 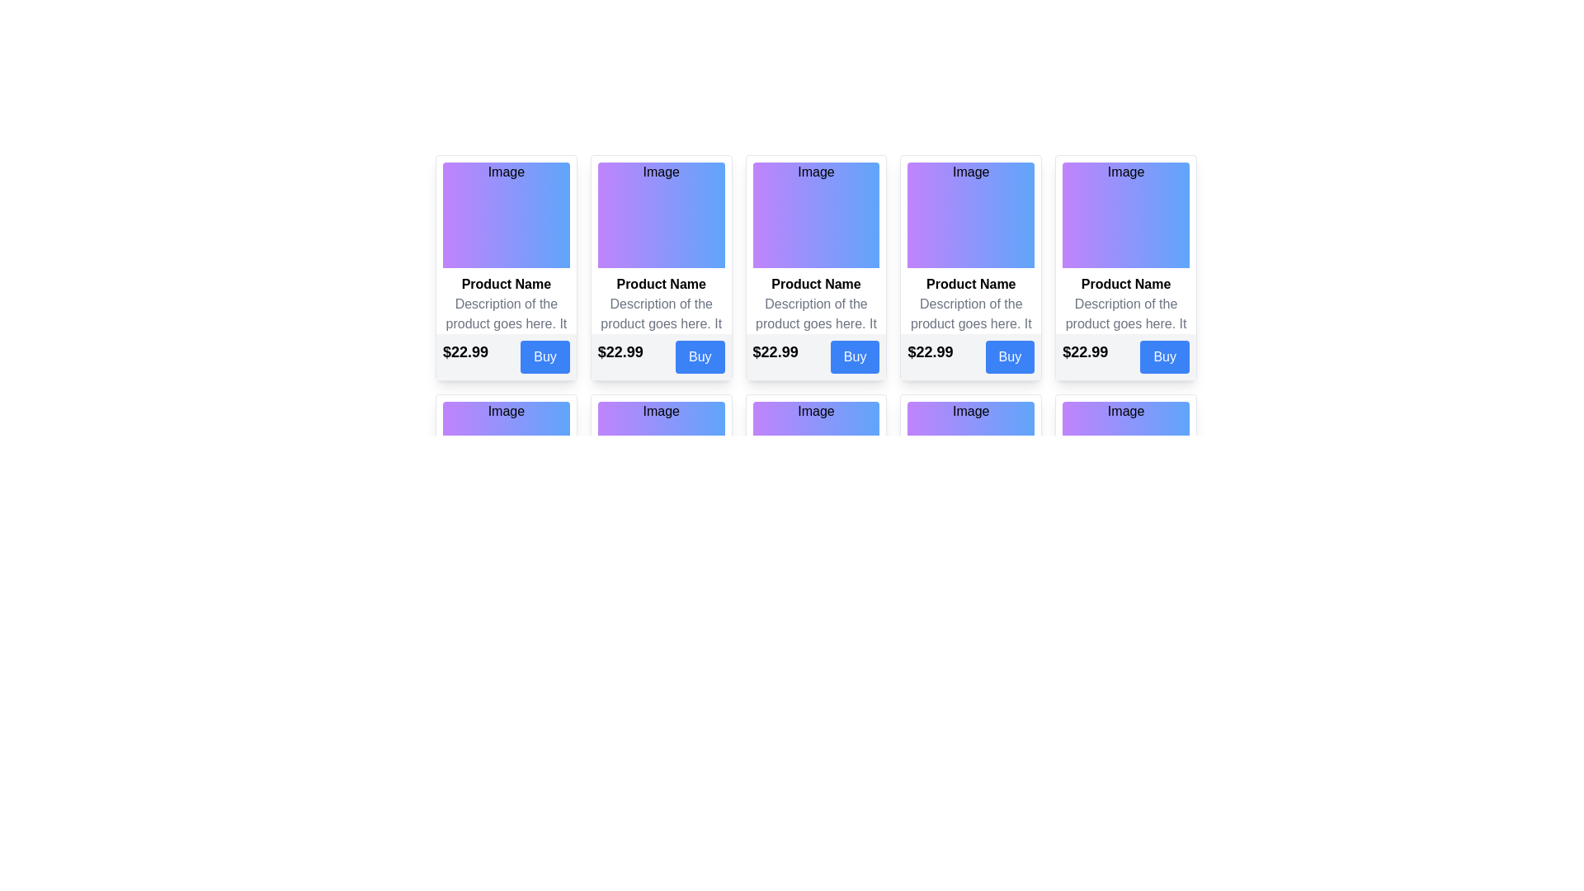 What do you see at coordinates (661, 214) in the screenshot?
I see `decorative image placeholder at the top of the card component that represents the product, located centrally among similar cards` at bounding box center [661, 214].